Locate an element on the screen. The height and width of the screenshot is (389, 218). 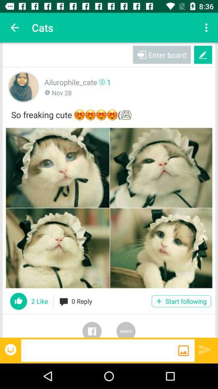
express emotions over post is located at coordinates (11, 349).